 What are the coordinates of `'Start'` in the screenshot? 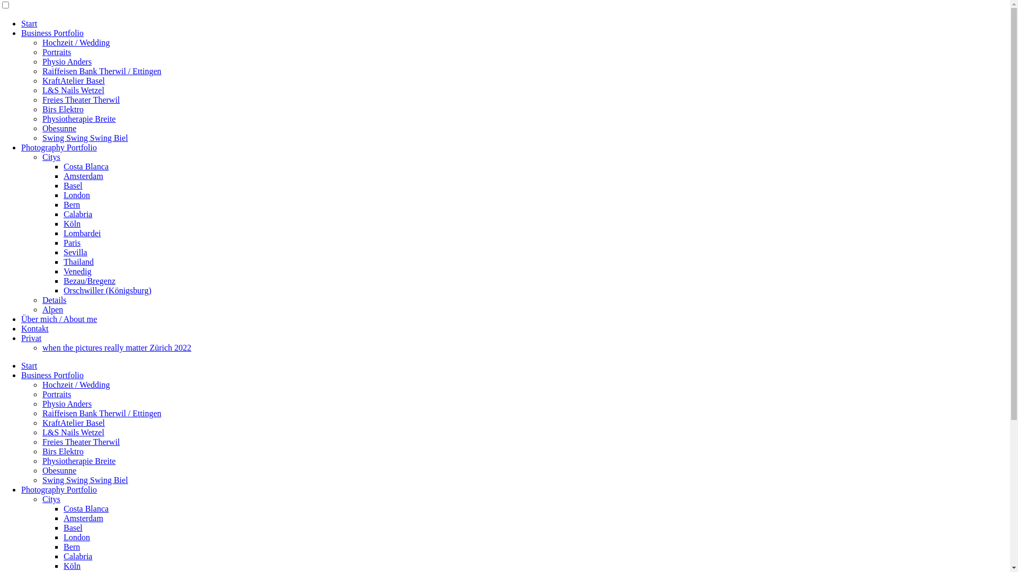 It's located at (21, 365).